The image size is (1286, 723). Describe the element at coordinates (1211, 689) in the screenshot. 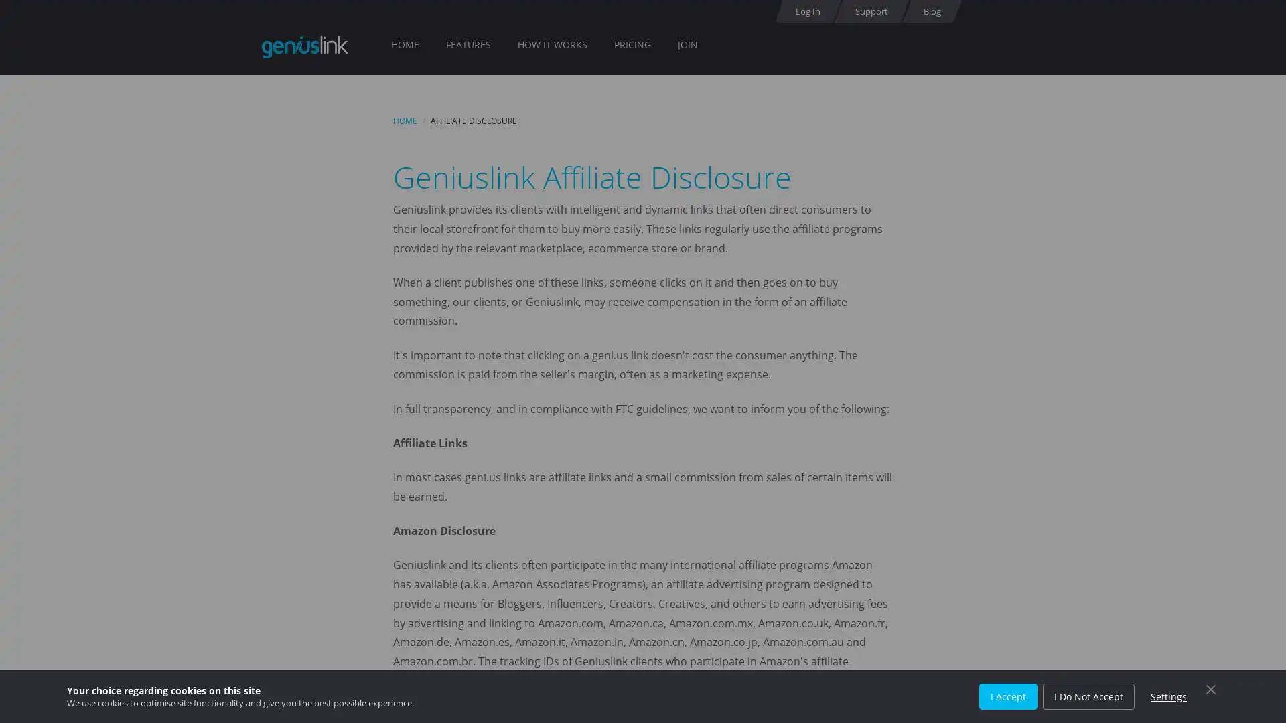

I see `Close Cookie Control` at that location.